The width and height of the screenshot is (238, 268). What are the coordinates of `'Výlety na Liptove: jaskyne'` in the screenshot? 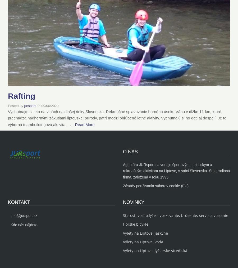 It's located at (145, 233).